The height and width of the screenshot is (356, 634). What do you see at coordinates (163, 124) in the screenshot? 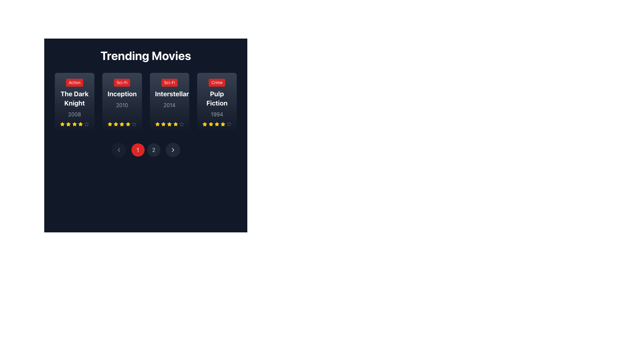
I see `the third yellow star icon in the rating component for the movie 'Interstellar'` at bounding box center [163, 124].